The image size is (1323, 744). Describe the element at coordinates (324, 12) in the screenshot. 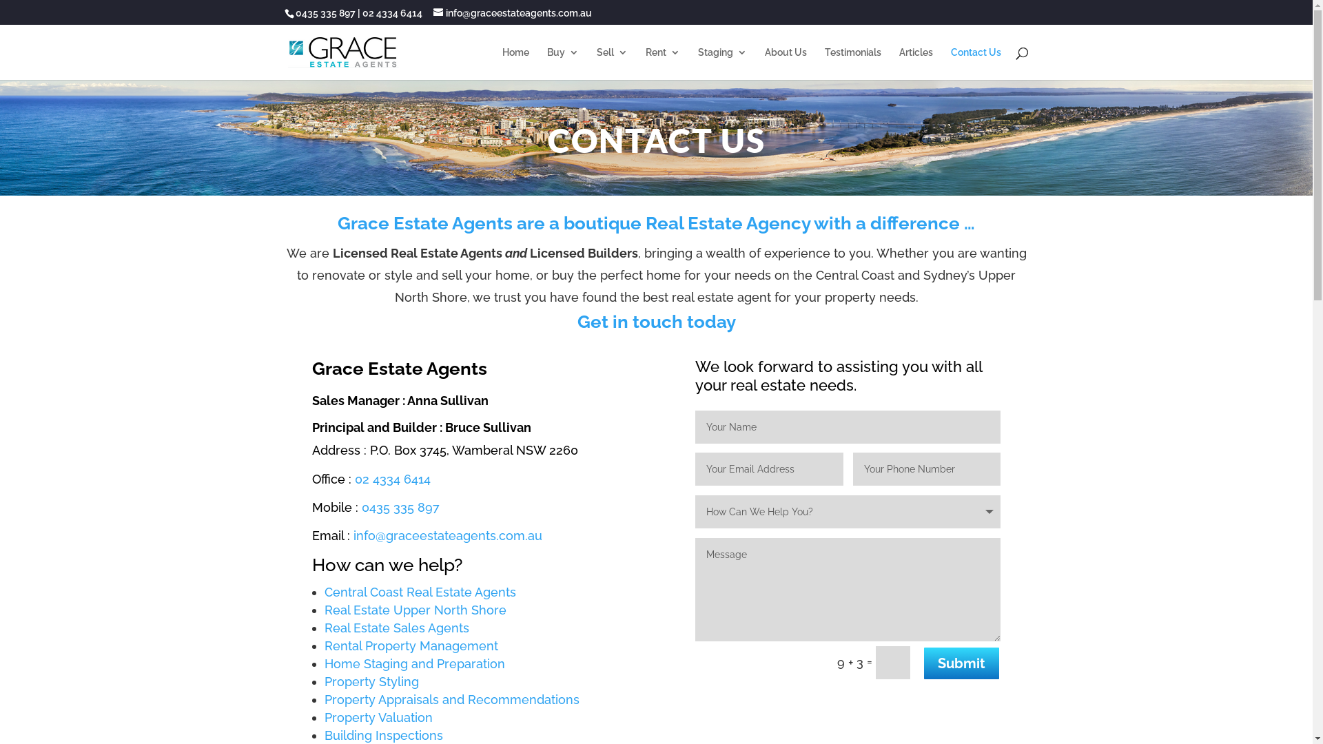

I see `'0435 335 897'` at that location.